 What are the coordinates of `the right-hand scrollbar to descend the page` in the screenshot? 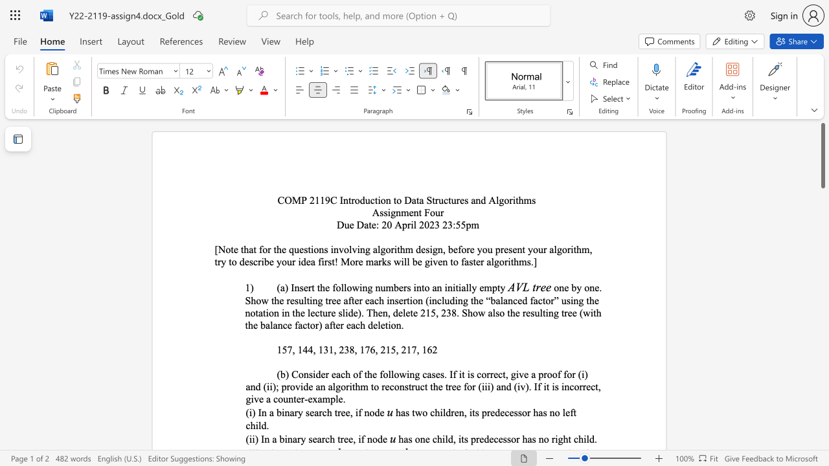 It's located at (822, 335).